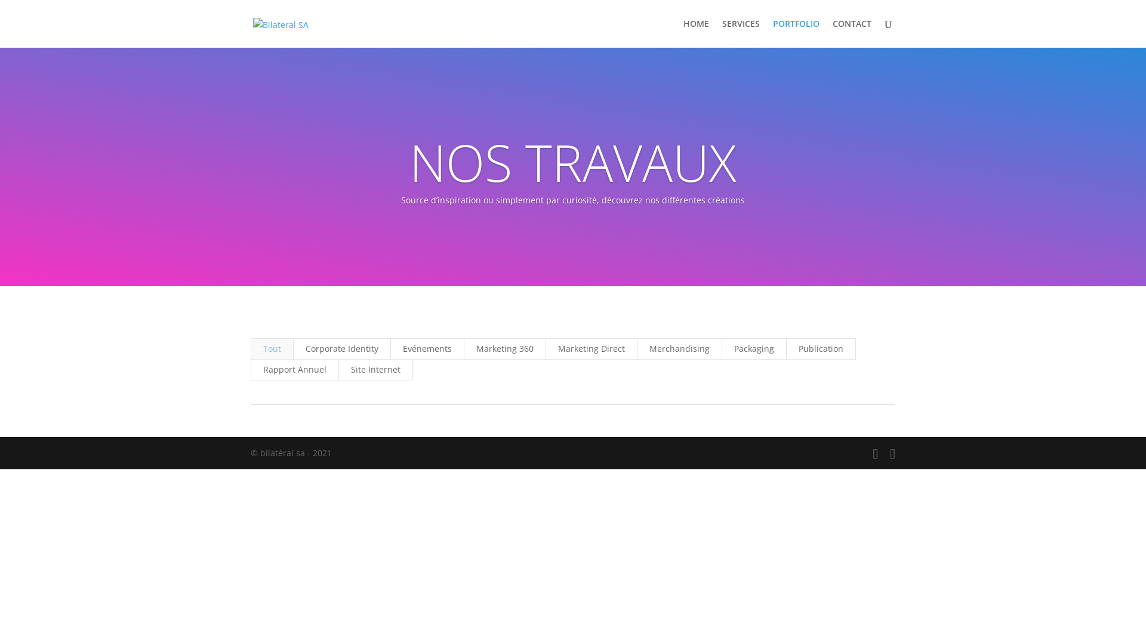  I want to click on 'Corporate Identity', so click(292, 349).